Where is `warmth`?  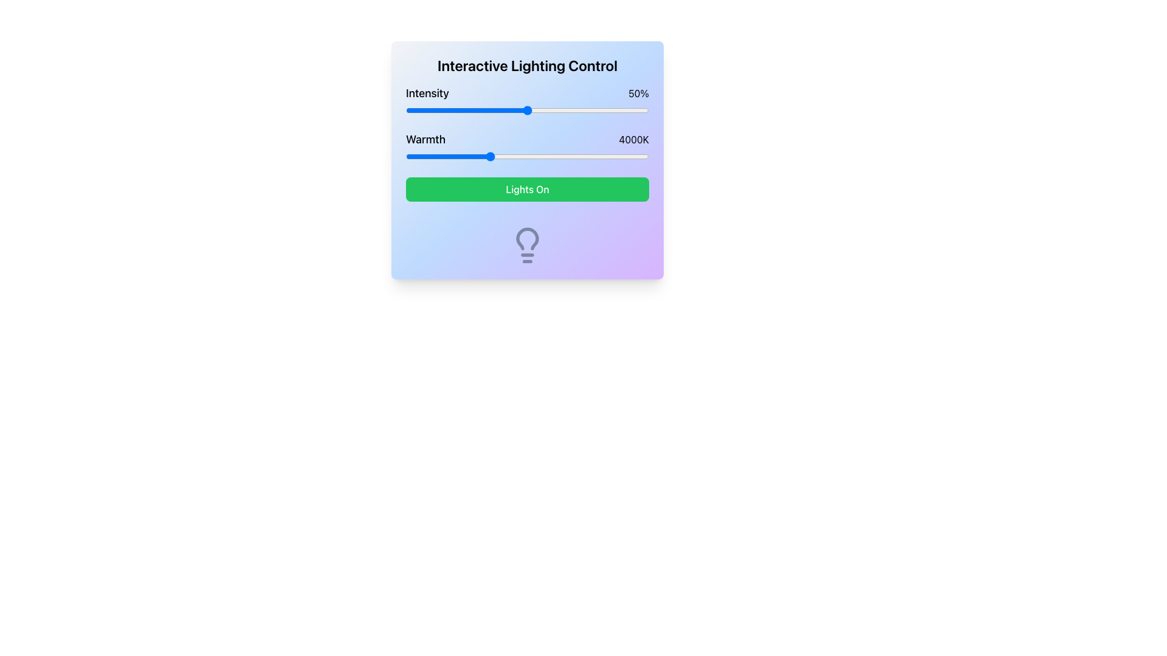
warmth is located at coordinates (481, 156).